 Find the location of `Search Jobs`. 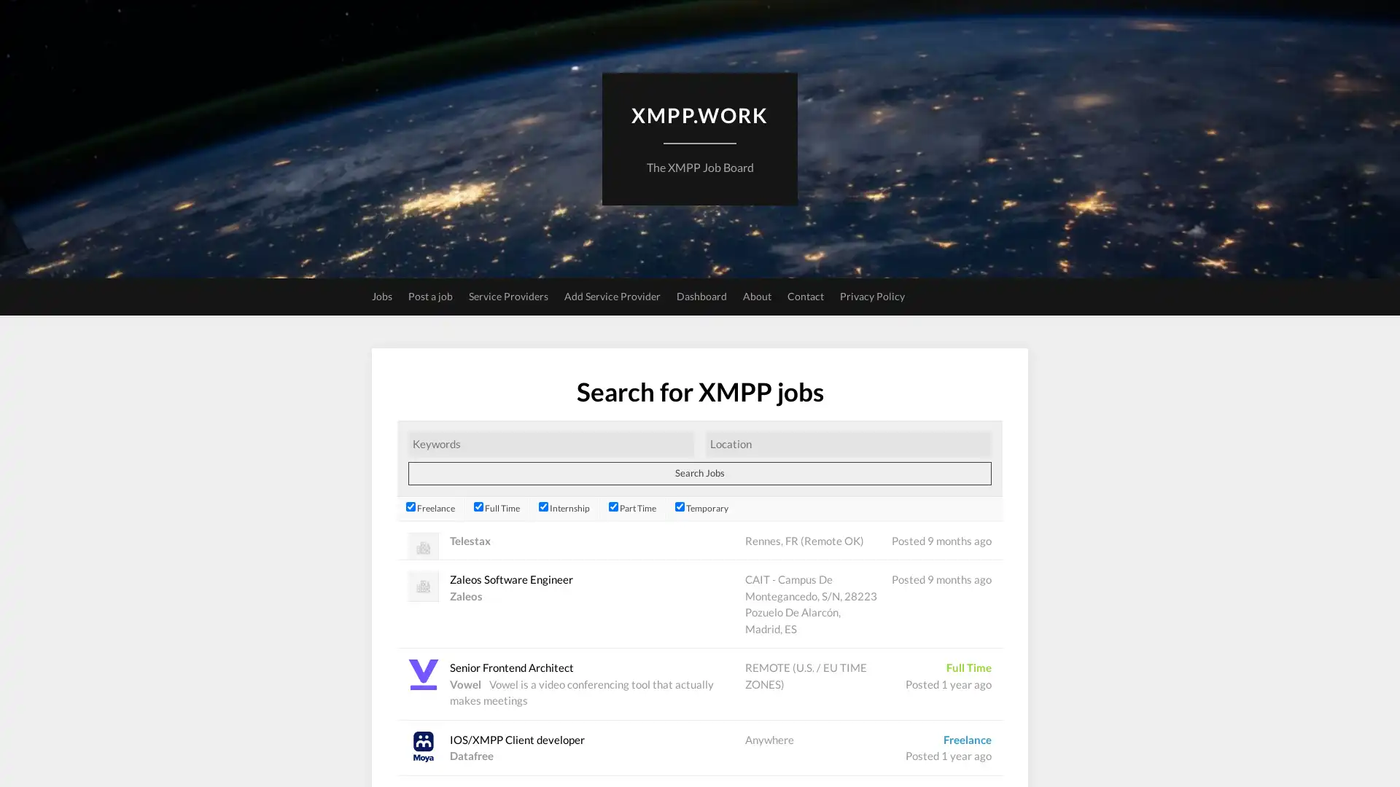

Search Jobs is located at coordinates (700, 473).